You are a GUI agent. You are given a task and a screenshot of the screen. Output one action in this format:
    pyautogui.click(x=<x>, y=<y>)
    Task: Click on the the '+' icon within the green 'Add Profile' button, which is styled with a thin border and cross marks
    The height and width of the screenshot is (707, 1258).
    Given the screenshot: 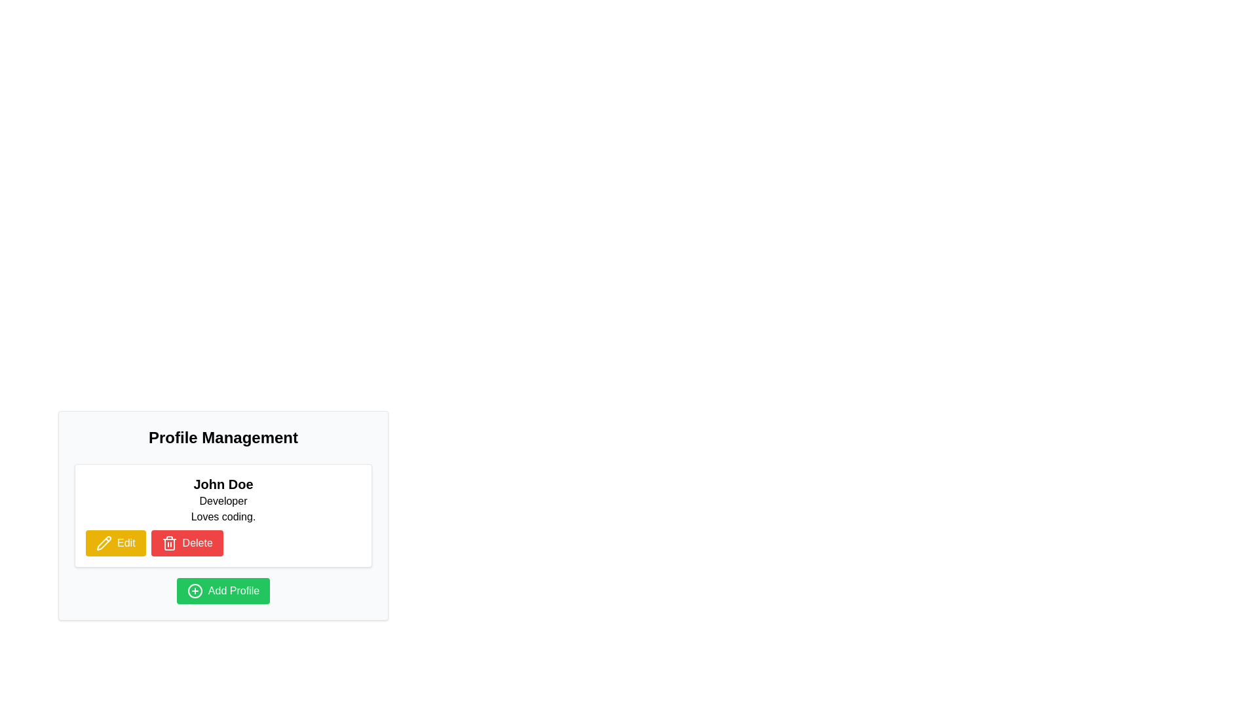 What is the action you would take?
    pyautogui.click(x=194, y=590)
    